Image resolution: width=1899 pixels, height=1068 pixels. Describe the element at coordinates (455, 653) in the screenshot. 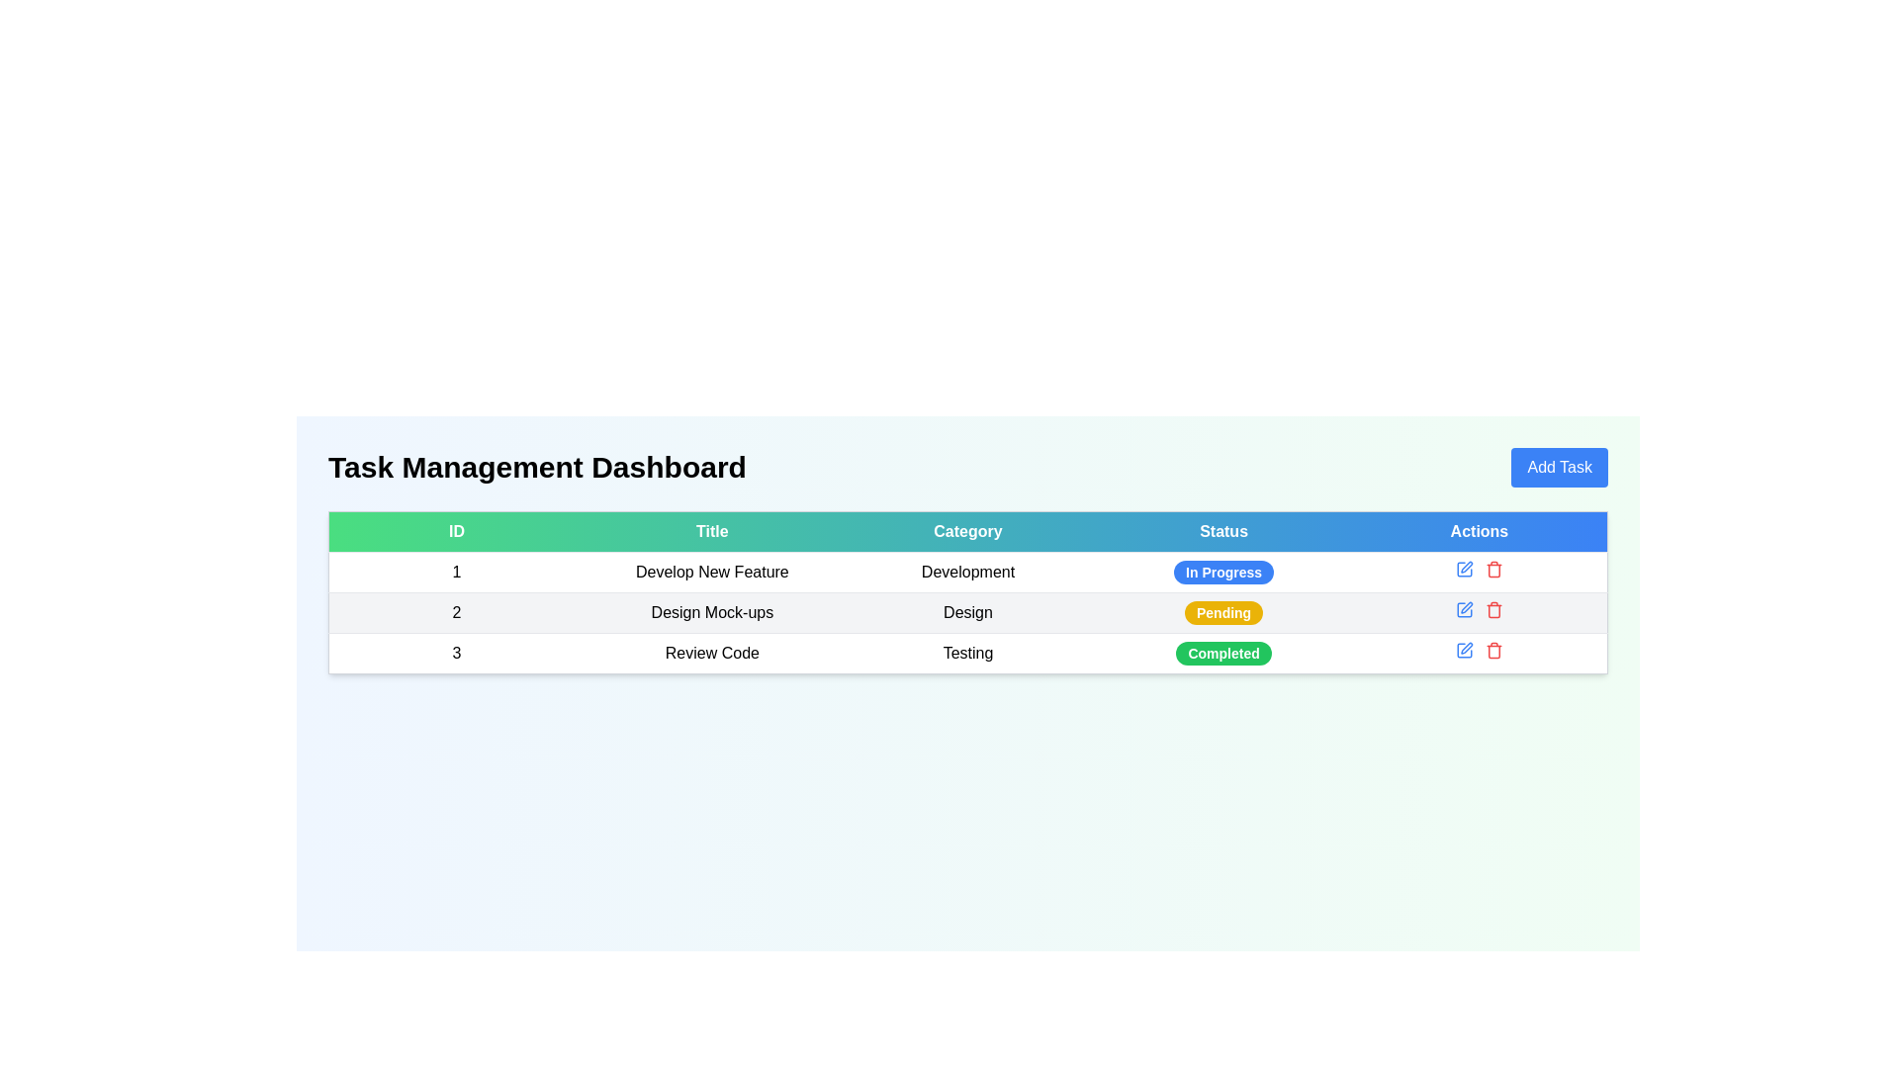

I see `the text label displaying the numeral '3' which is centered in its cell and located in the leftmost cell of the last row under the 'ID' column` at that location.